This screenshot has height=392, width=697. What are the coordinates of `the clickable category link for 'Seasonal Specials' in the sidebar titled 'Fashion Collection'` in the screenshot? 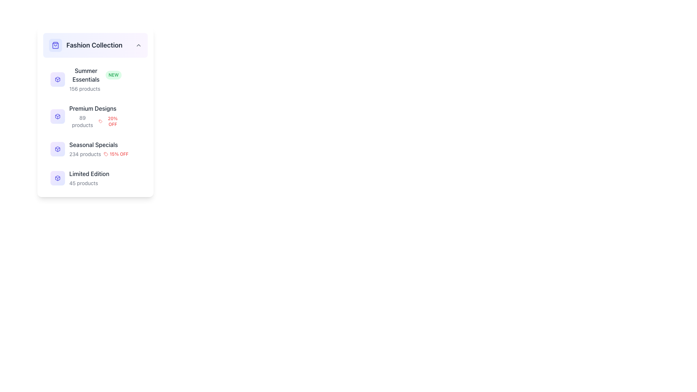 It's located at (101, 149).